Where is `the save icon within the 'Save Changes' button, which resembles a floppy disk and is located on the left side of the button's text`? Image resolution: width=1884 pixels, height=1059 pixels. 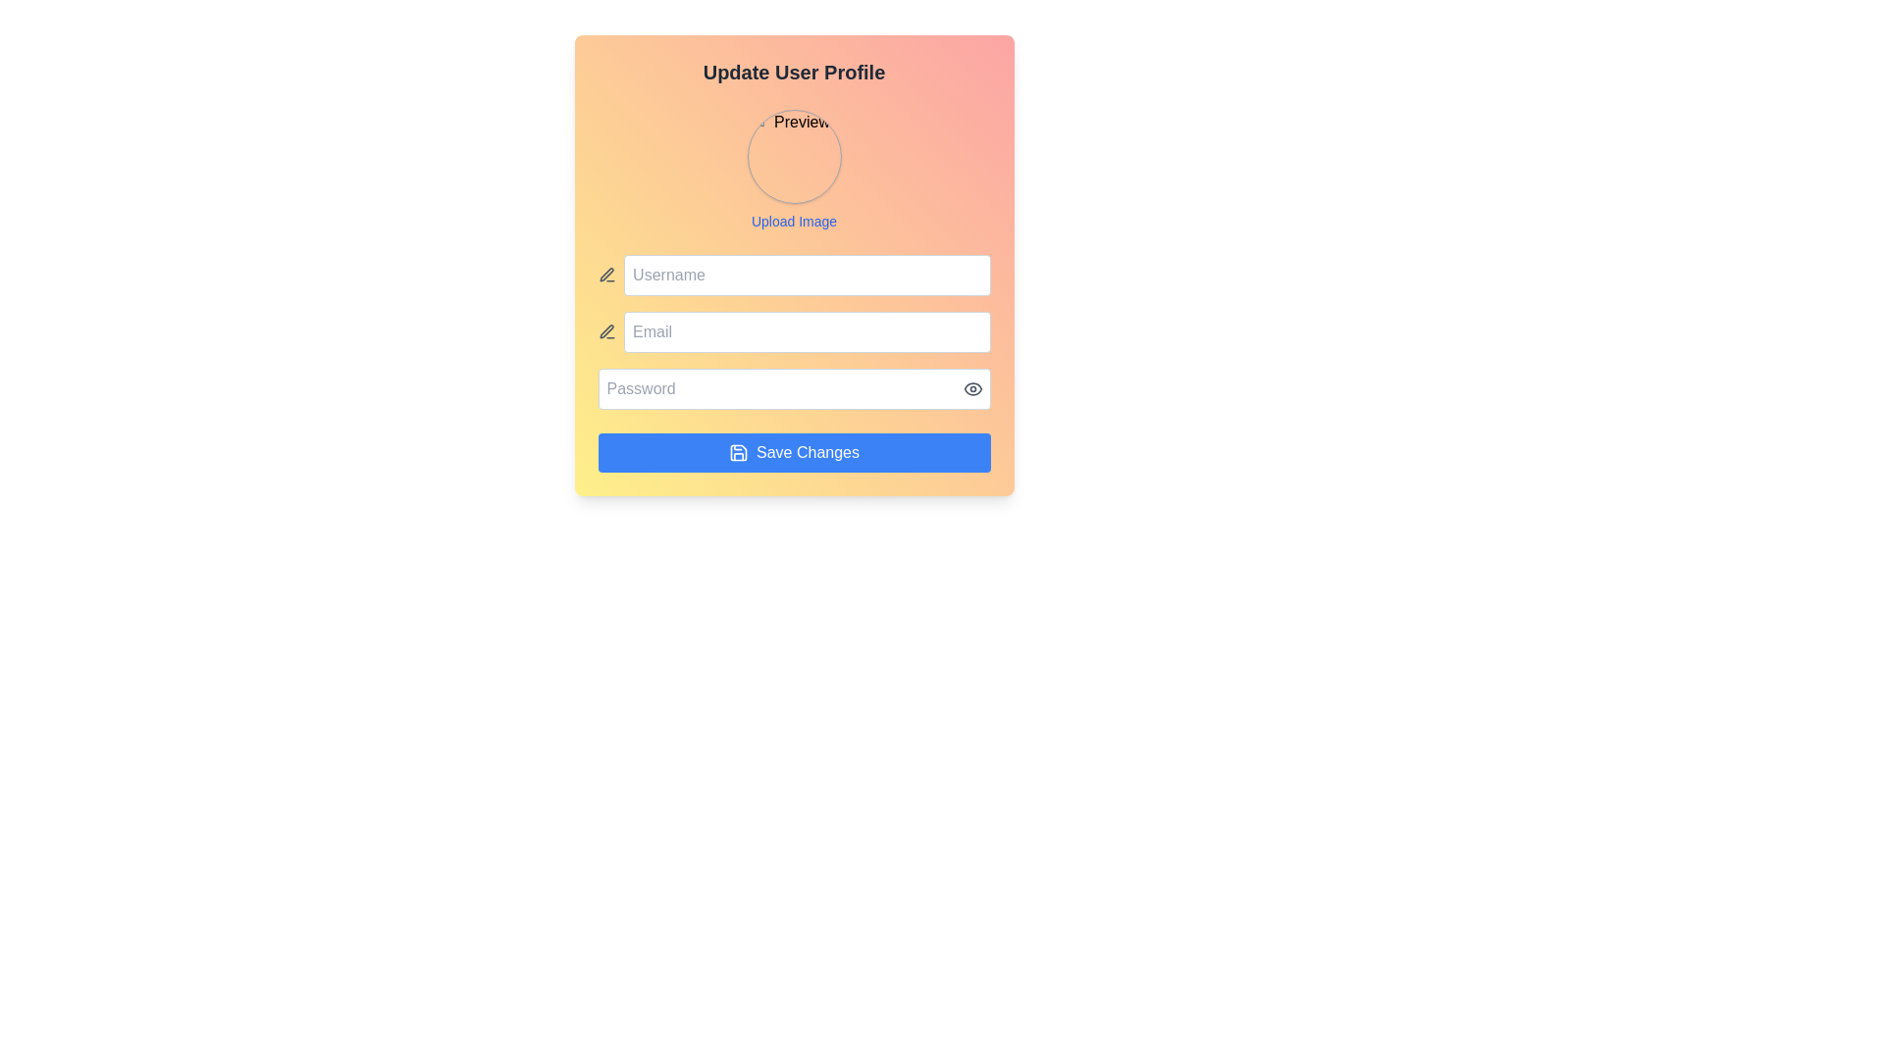 the save icon within the 'Save Changes' button, which resembles a floppy disk and is located on the left side of the button's text is located at coordinates (738, 453).